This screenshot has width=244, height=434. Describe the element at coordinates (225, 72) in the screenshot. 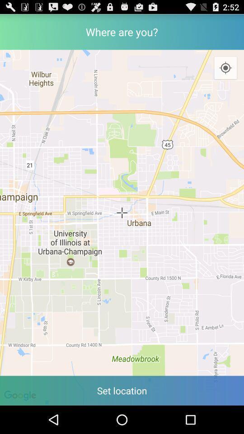

I see `the location_crosshair icon` at that location.